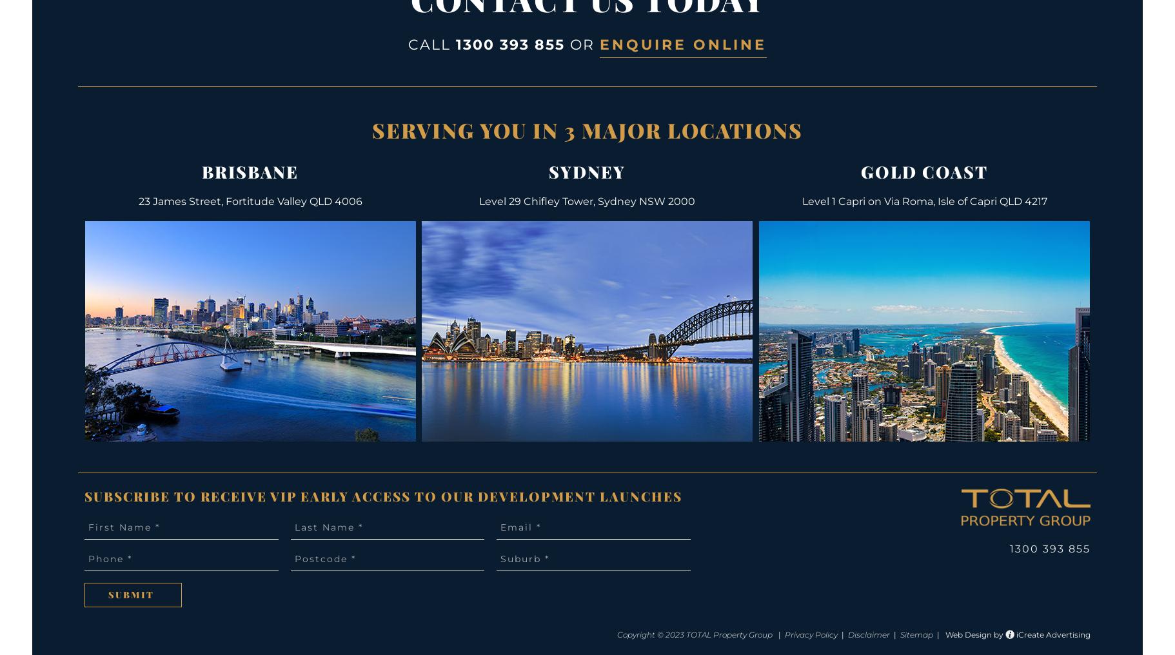 The width and height of the screenshot is (1175, 655). What do you see at coordinates (130, 594) in the screenshot?
I see `'Submit'` at bounding box center [130, 594].